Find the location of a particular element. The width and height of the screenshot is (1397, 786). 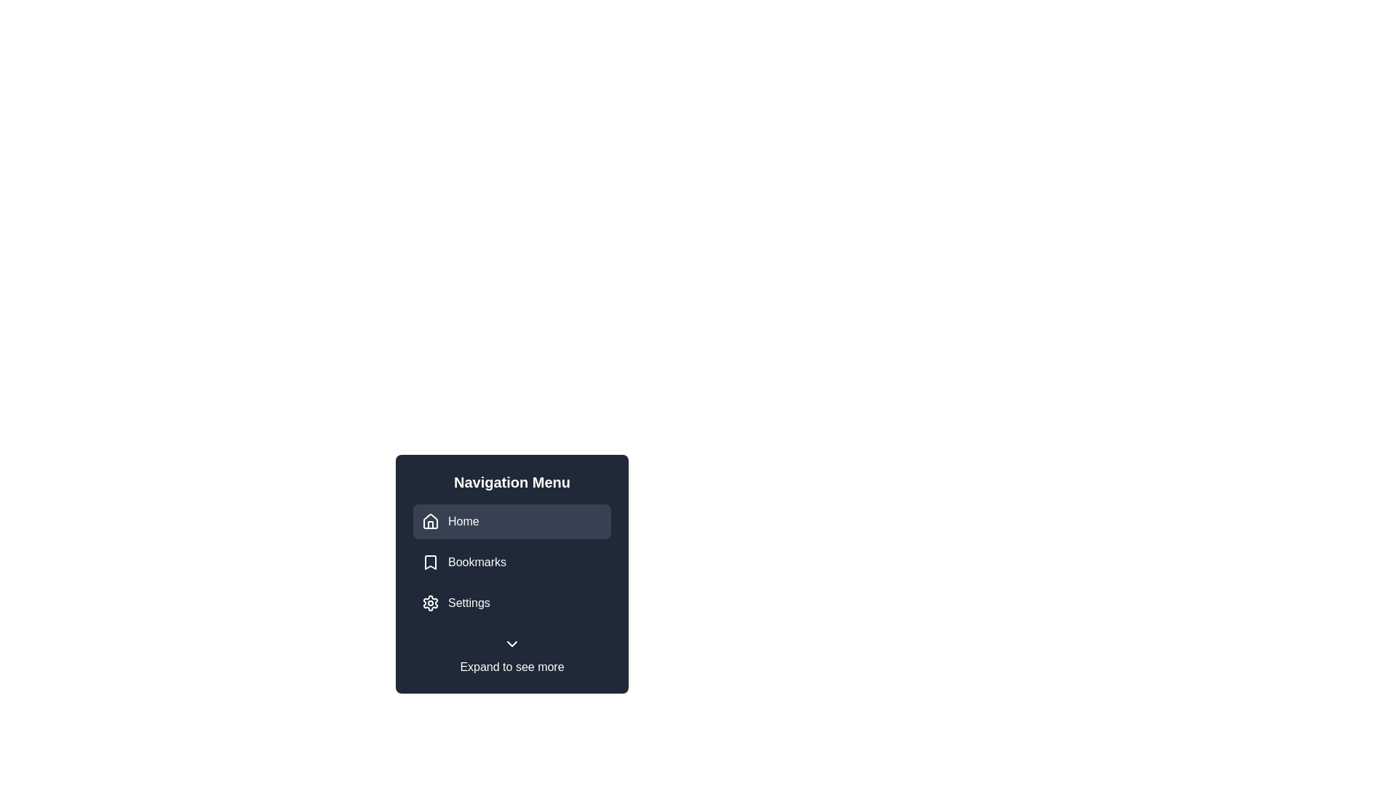

the bookmark-shaped icon is located at coordinates (429, 561).